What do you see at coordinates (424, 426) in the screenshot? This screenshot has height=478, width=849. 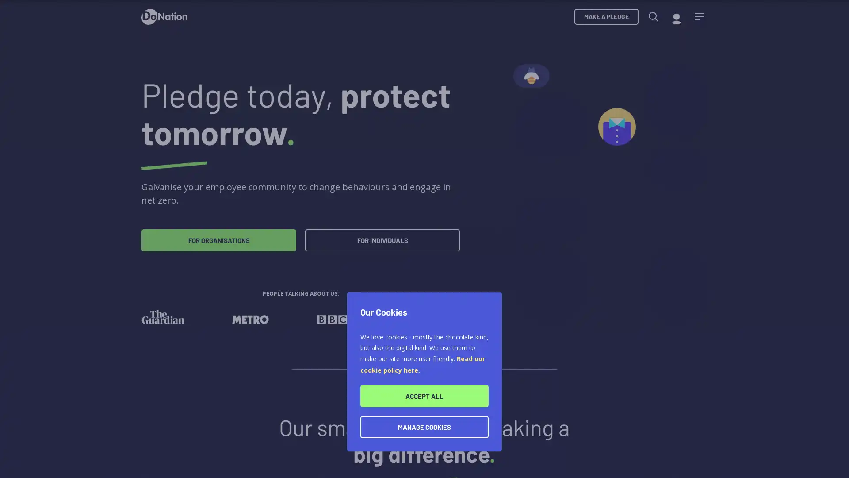 I see `MANAGE COOKIES` at bounding box center [424, 426].